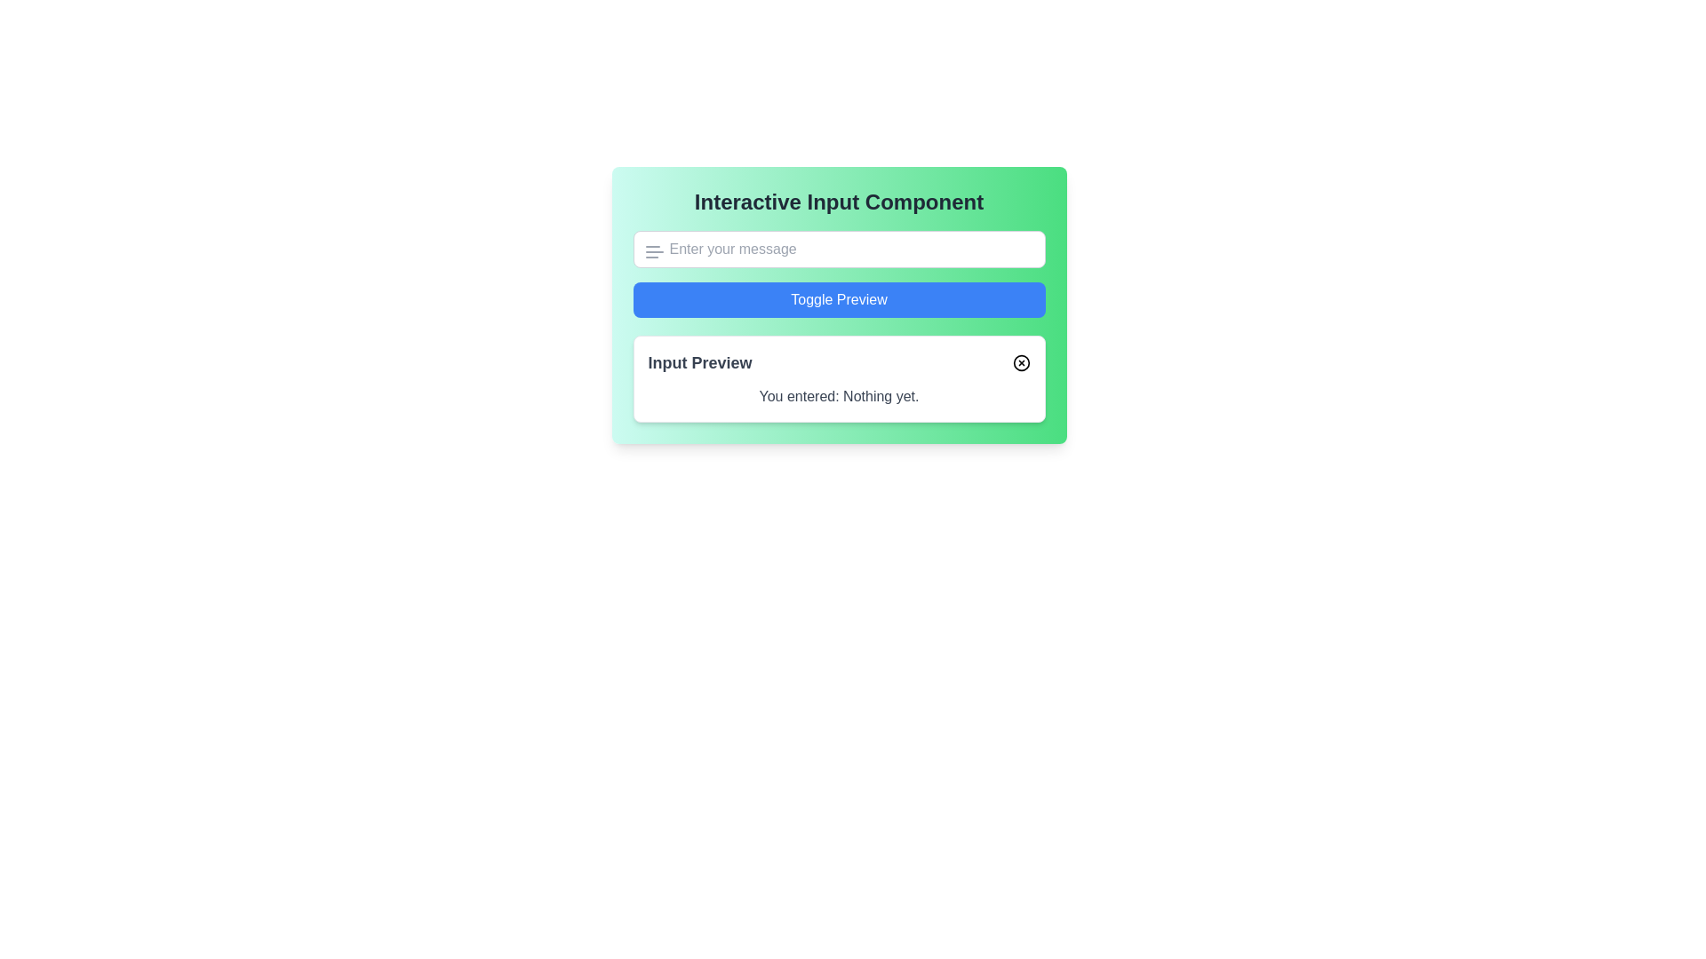  What do you see at coordinates (653, 252) in the screenshot?
I see `the text-related glyph icon located on the left side of the input field titled 'Enter your message'` at bounding box center [653, 252].